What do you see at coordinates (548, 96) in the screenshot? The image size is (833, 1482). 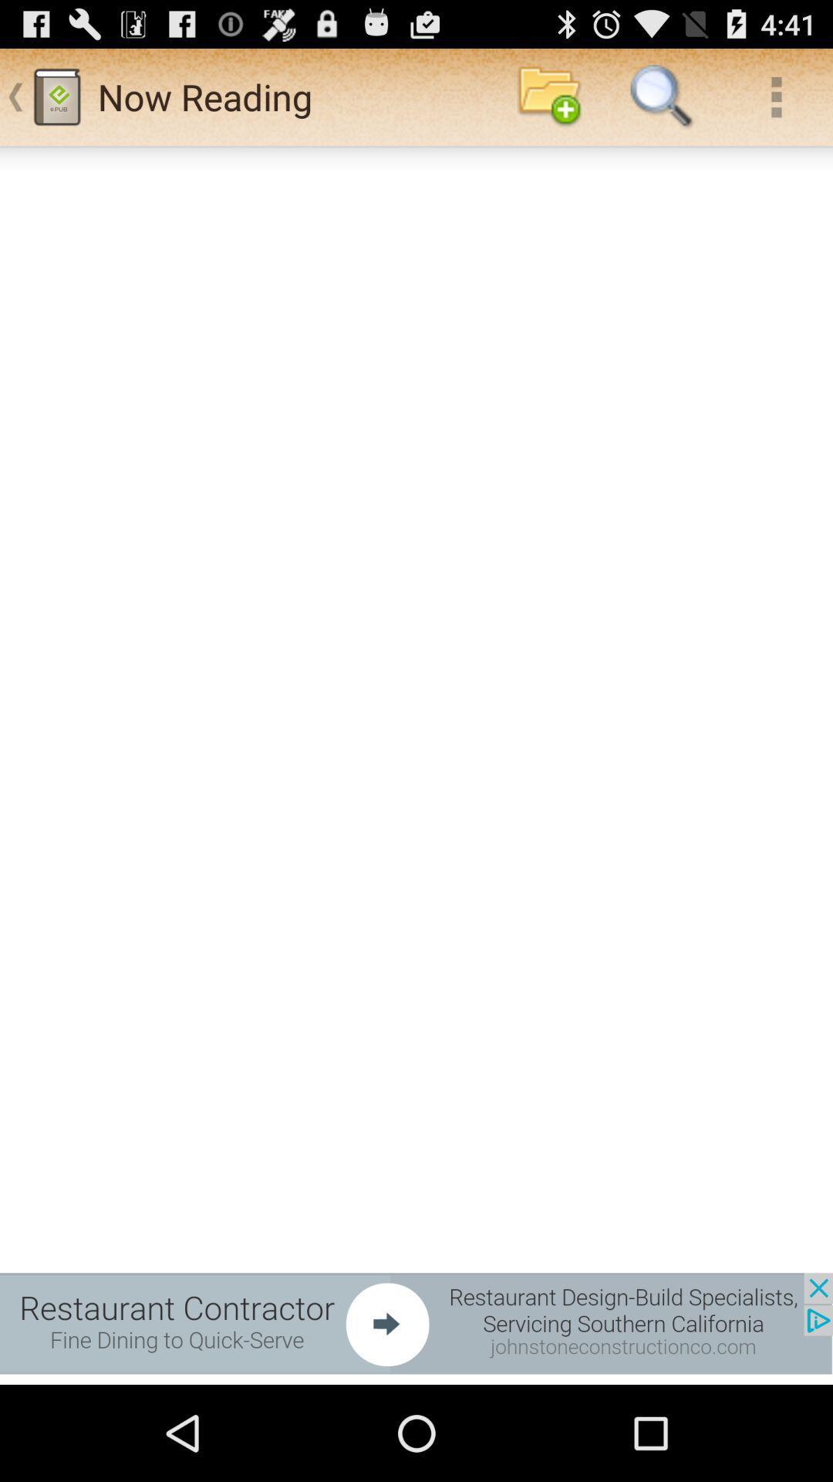 I see `icon at the top` at bounding box center [548, 96].